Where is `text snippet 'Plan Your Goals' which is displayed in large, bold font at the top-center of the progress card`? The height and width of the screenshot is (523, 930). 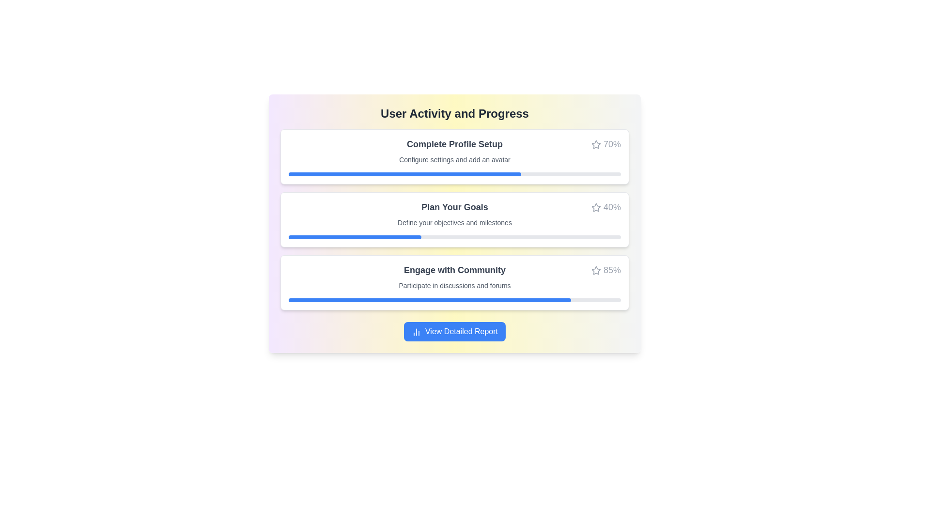
text snippet 'Plan Your Goals' which is displayed in large, bold font at the top-center of the progress card is located at coordinates (454, 207).